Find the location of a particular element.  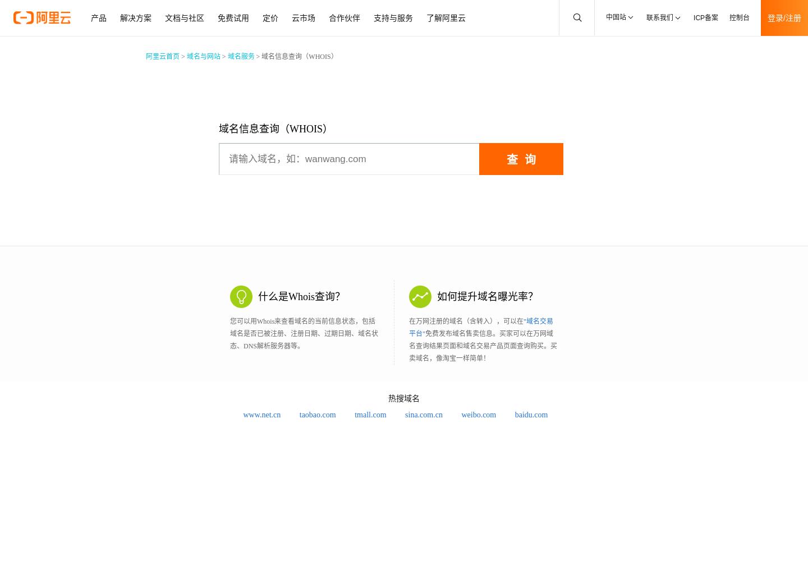

'baidu.com' is located at coordinates (531, 414).